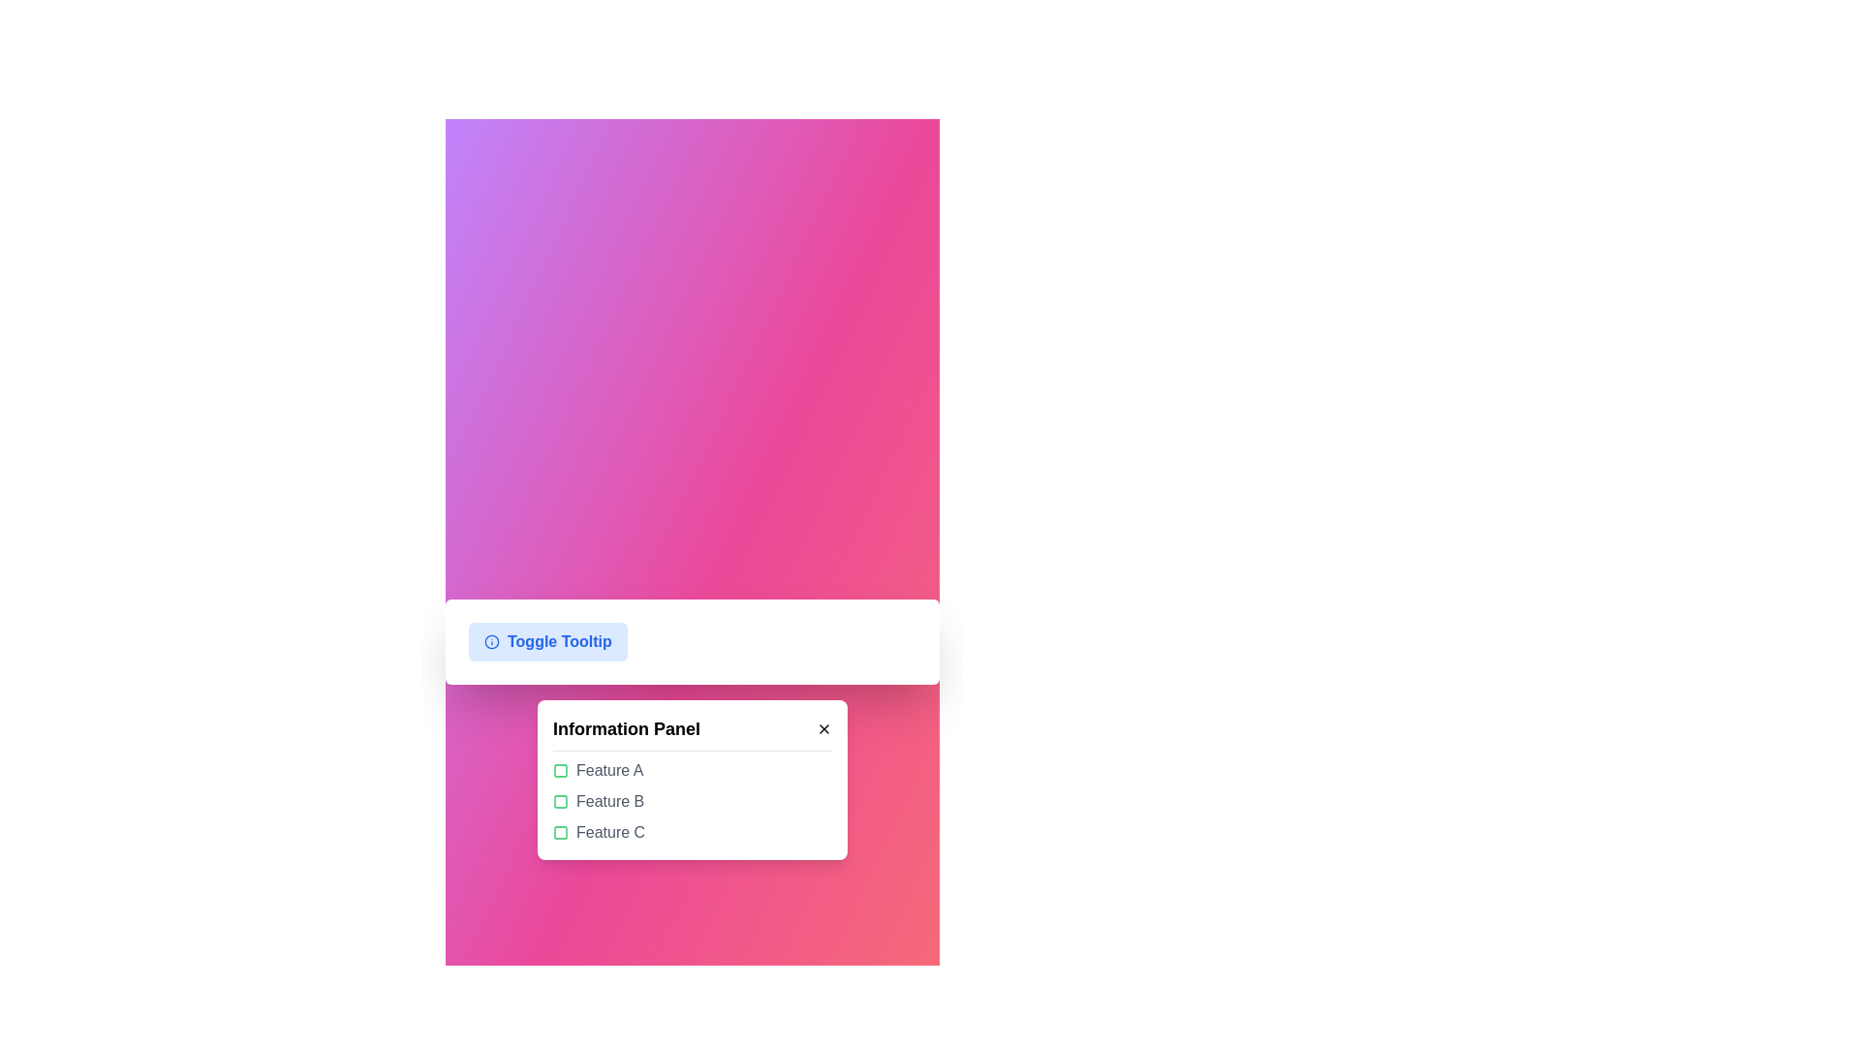 Image resolution: width=1860 pixels, height=1046 pixels. What do you see at coordinates (560, 802) in the screenshot?
I see `the icon representing 'Feature B', located to the left of the text label 'Feature B' in the option list` at bounding box center [560, 802].